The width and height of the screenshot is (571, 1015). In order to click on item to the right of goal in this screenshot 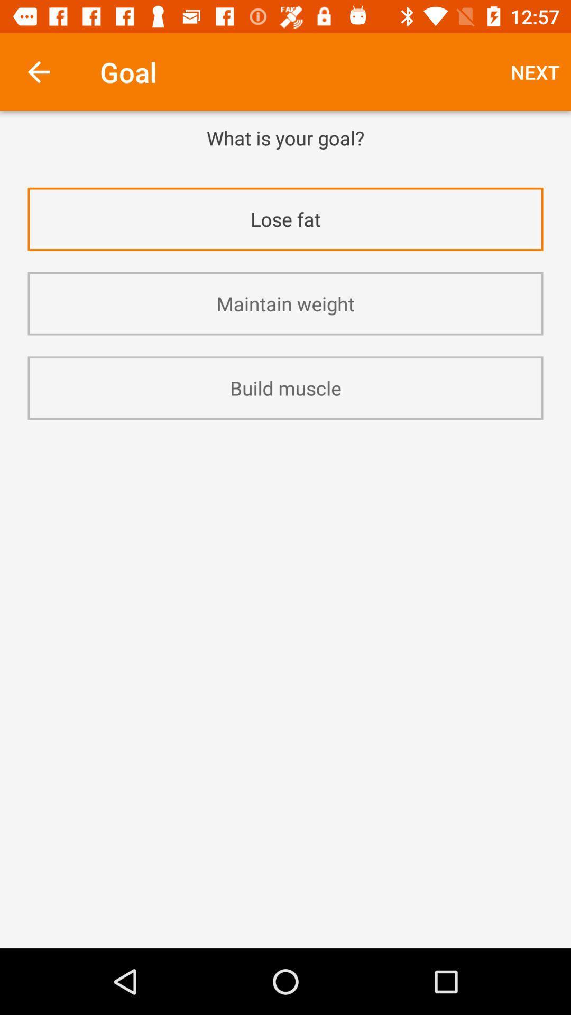, I will do `click(535, 71)`.